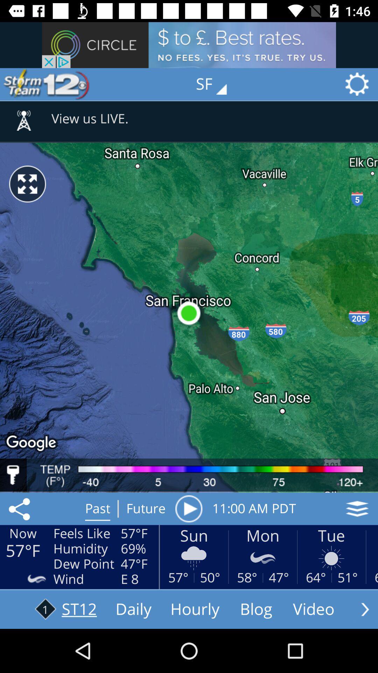 The image size is (378, 673). I want to click on the layers icon, so click(357, 509).